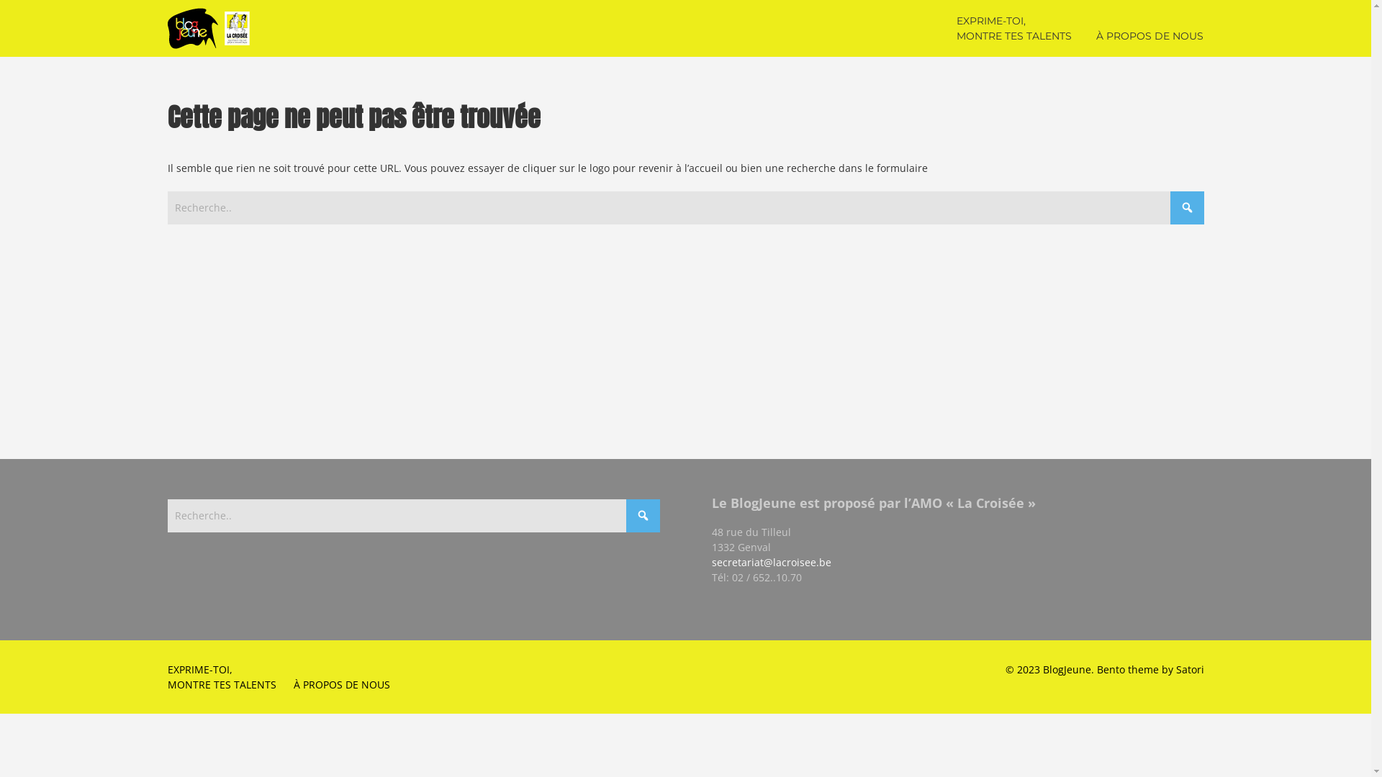  What do you see at coordinates (166, 677) in the screenshot?
I see `'EXPRIME-TOI,` at bounding box center [166, 677].